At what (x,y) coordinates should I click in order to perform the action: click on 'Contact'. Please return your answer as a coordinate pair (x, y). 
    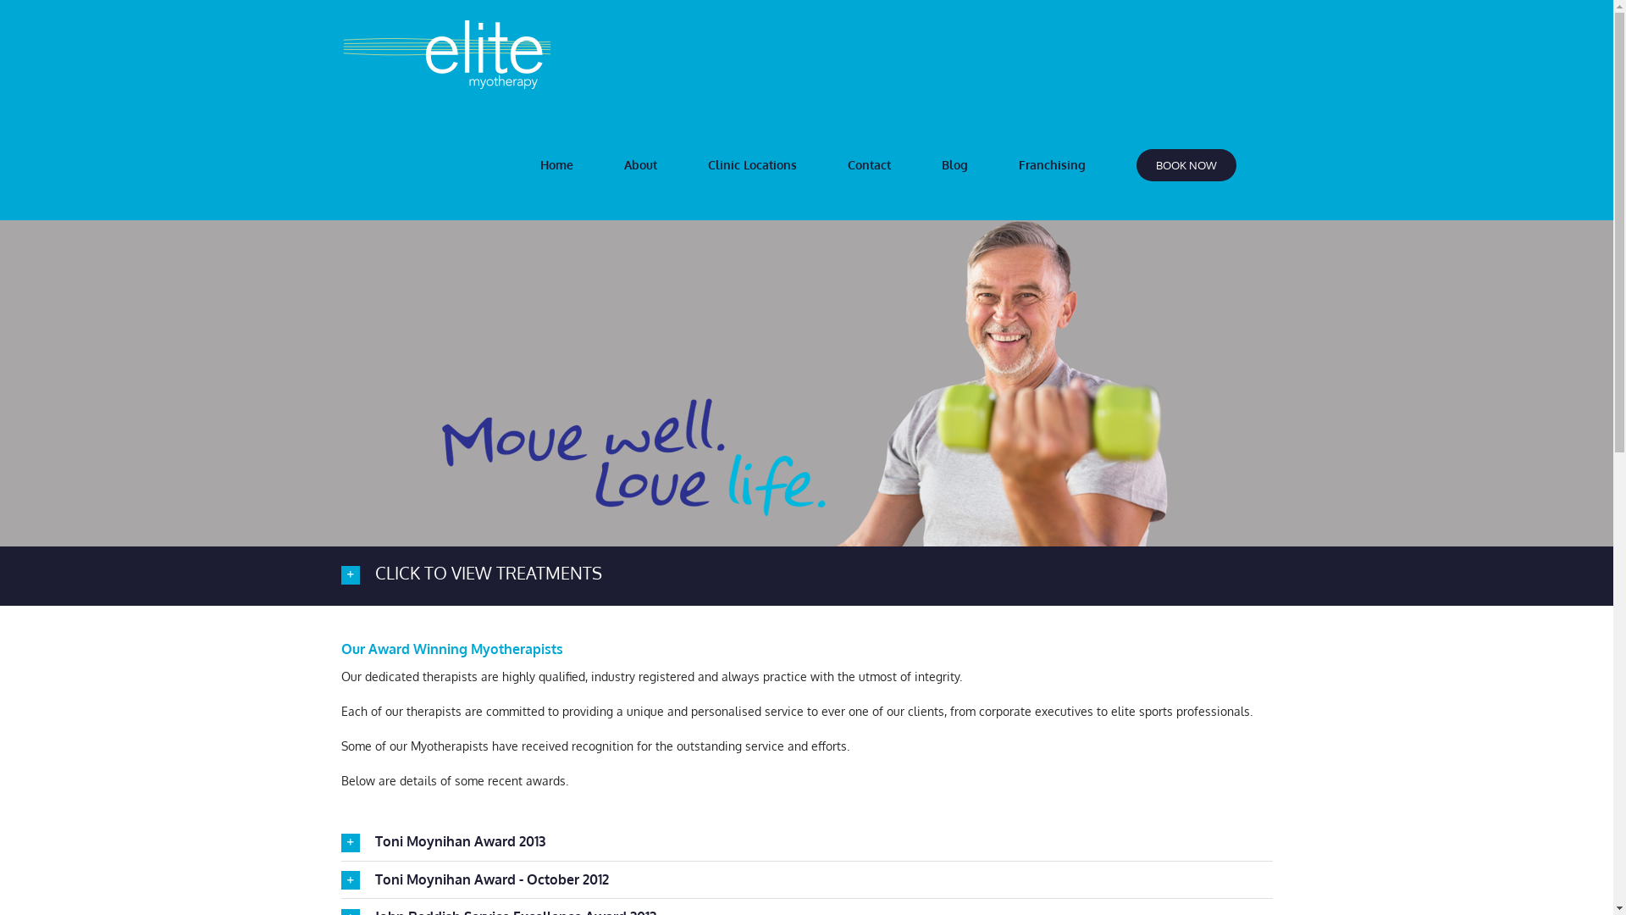
    Looking at the image, I should click on (870, 165).